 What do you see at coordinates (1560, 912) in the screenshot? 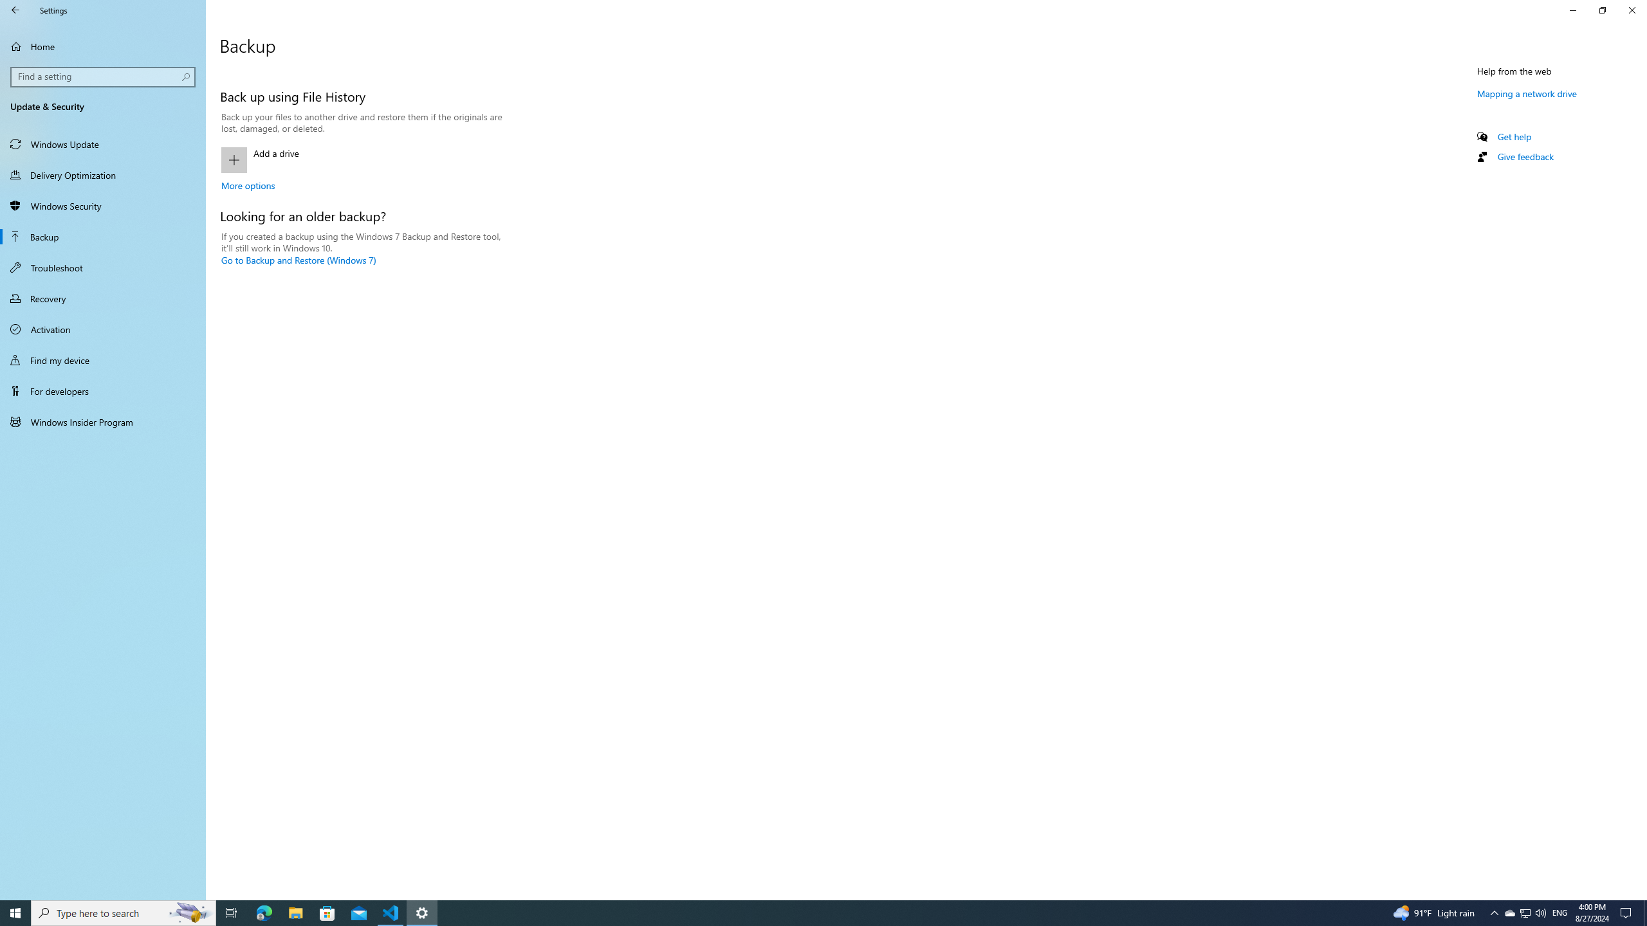
I see `'Tray Input Indicator - English (United States)'` at bounding box center [1560, 912].